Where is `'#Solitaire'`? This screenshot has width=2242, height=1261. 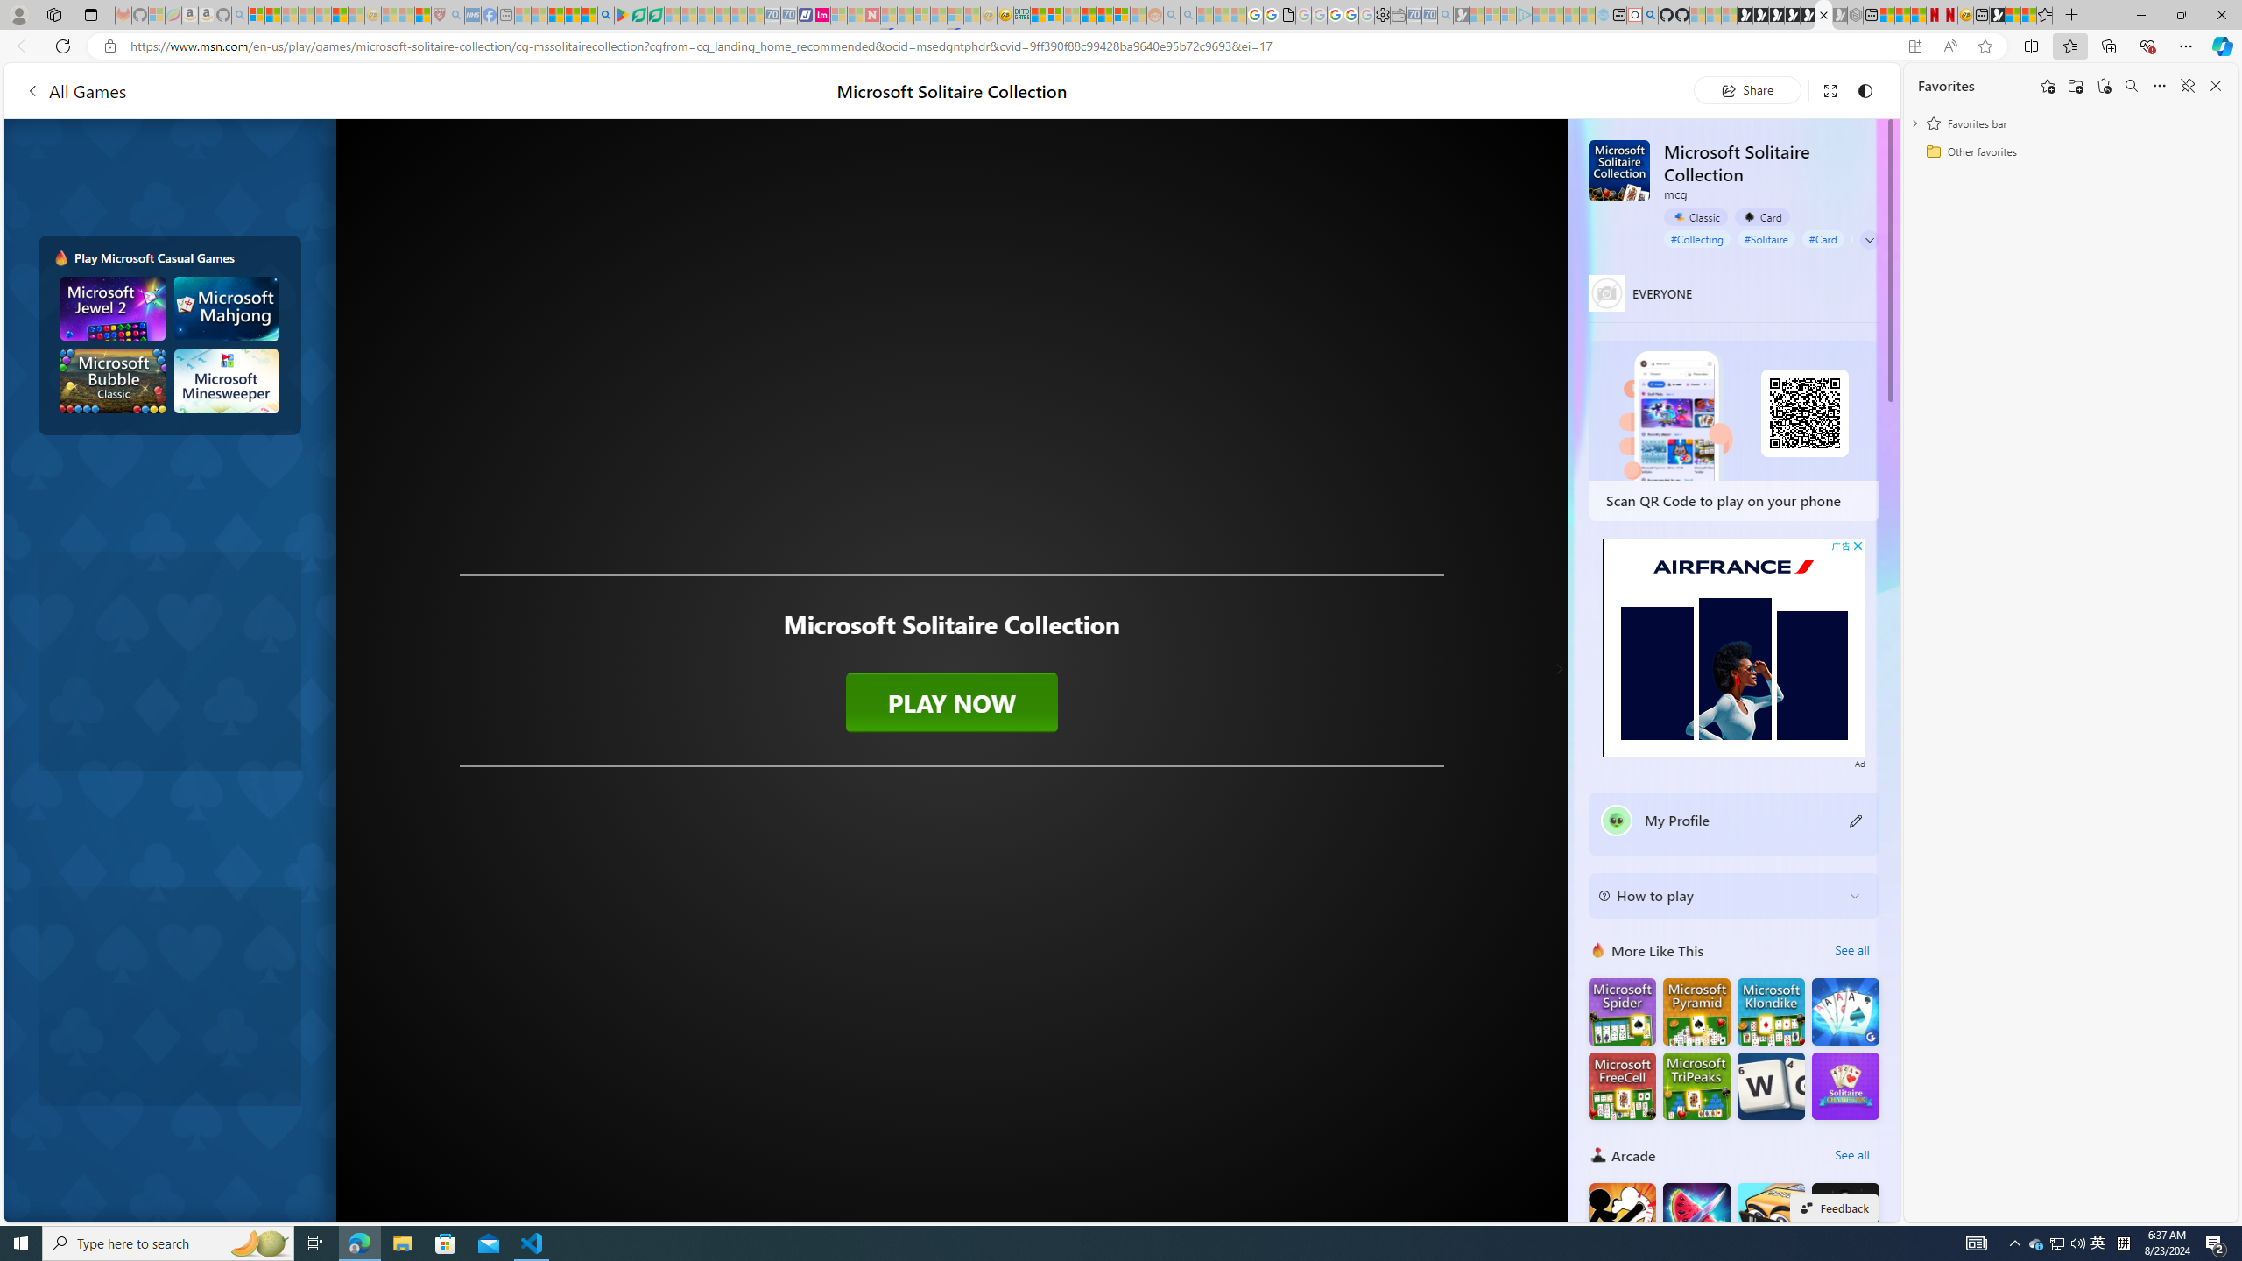
'#Solitaire' is located at coordinates (1766, 238).